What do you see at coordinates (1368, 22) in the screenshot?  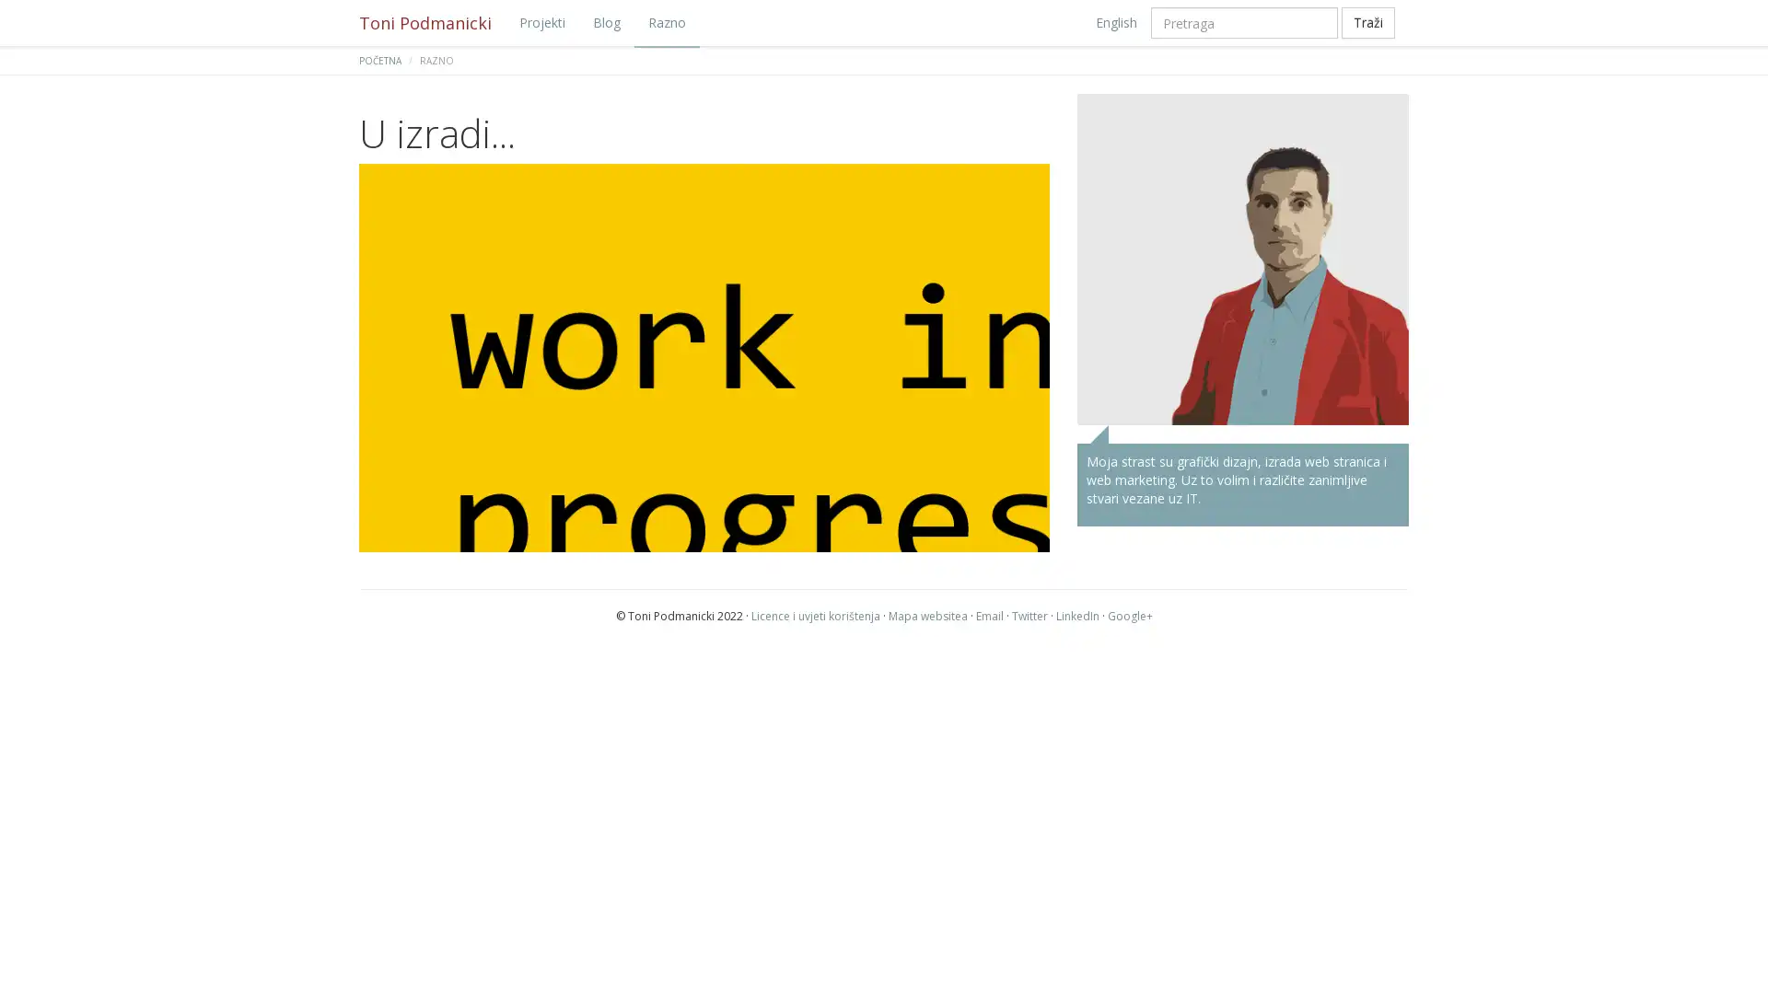 I see `Trazi` at bounding box center [1368, 22].